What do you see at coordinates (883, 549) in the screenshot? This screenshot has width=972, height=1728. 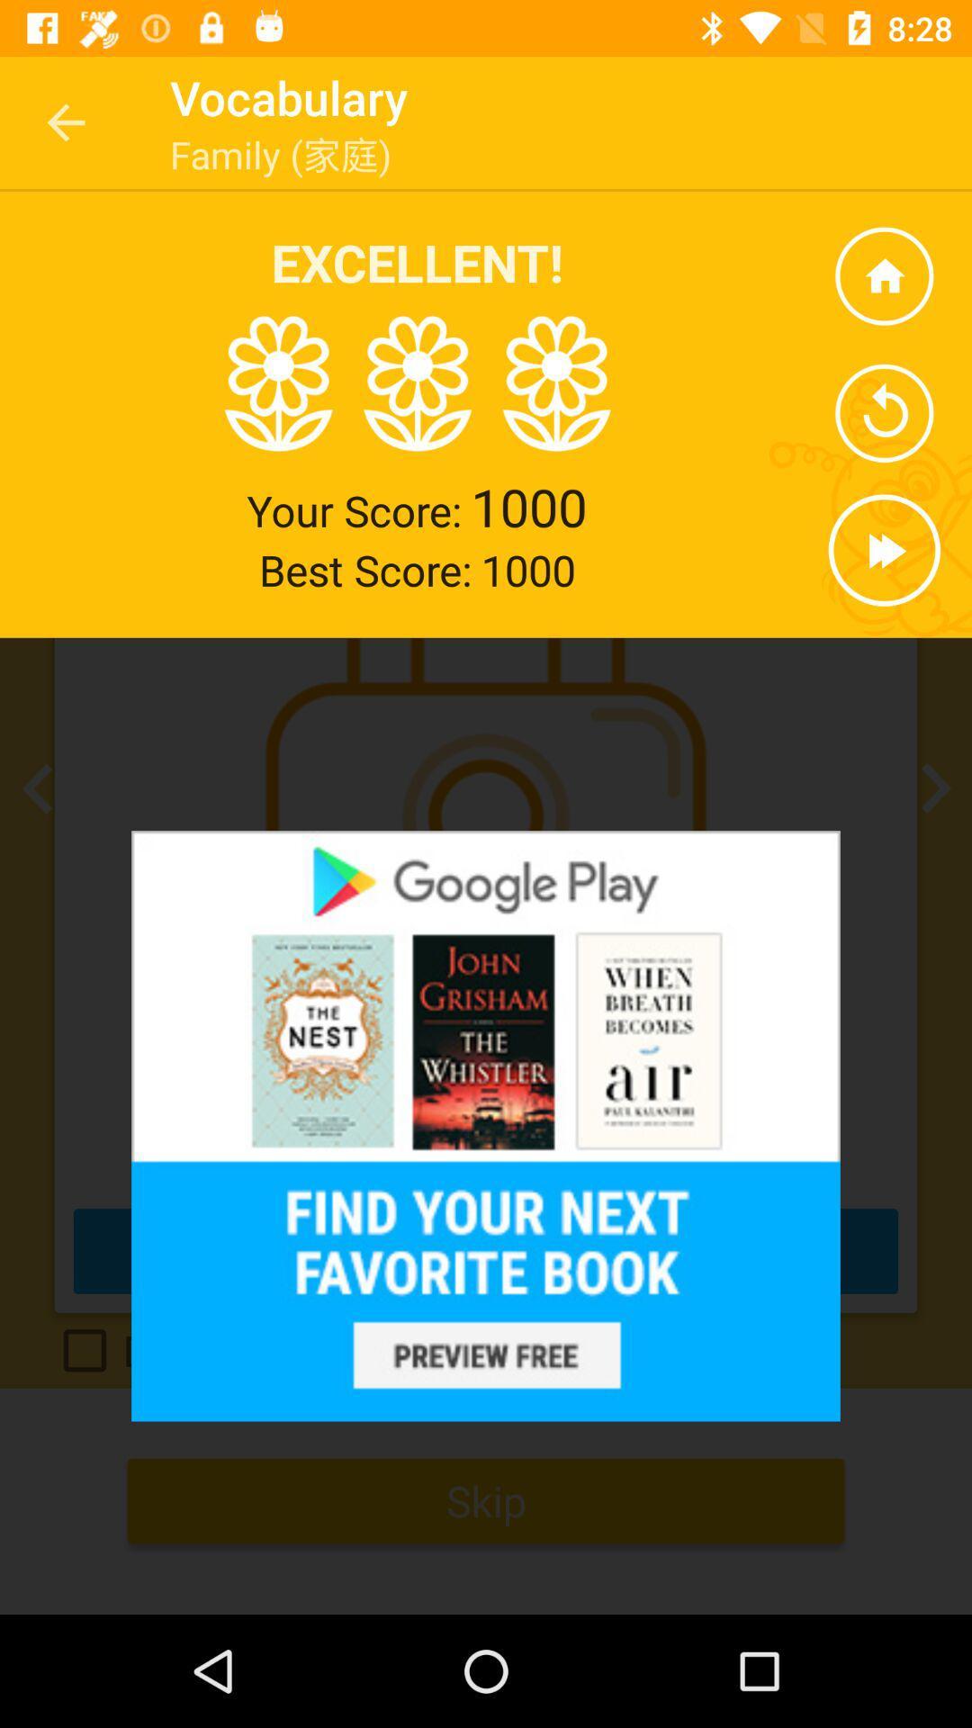 I see `the av_forward icon` at bounding box center [883, 549].